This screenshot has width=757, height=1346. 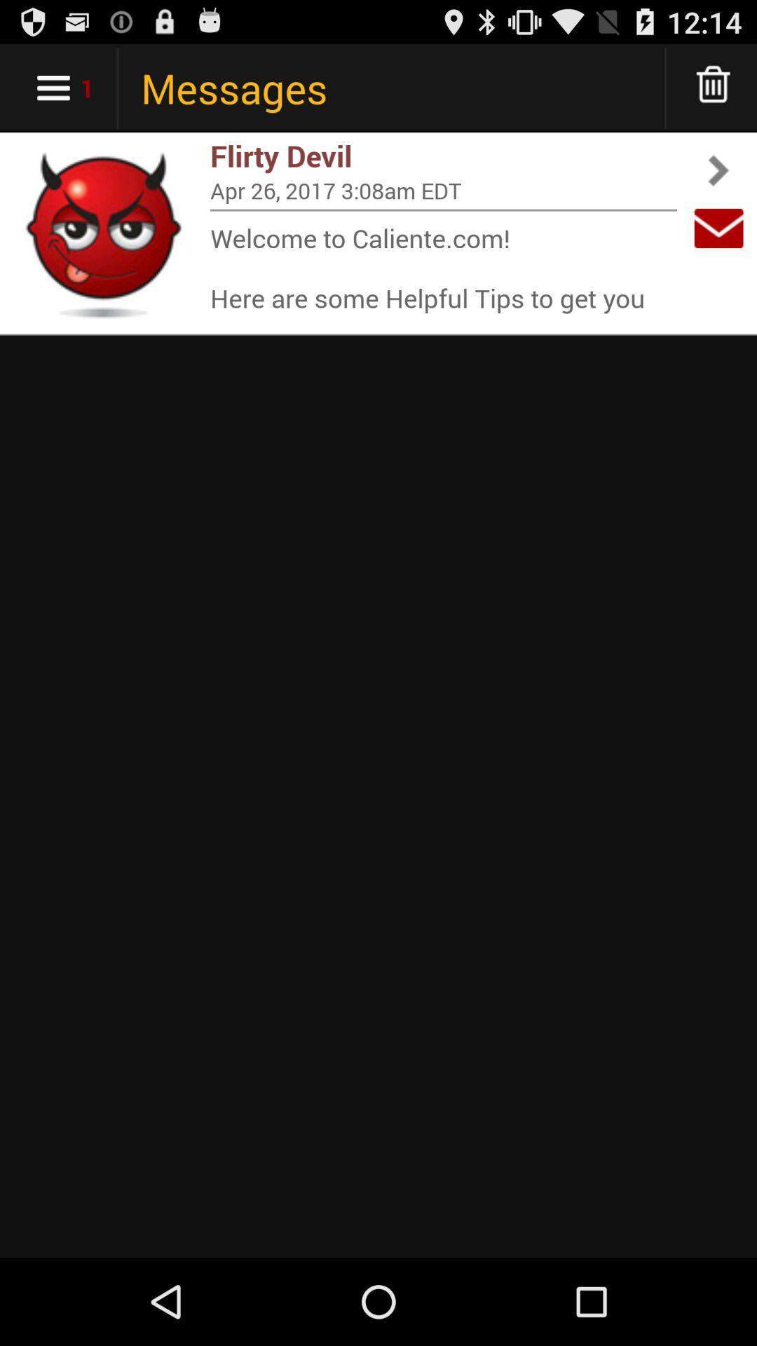 I want to click on the item above the apr 26 2017 item, so click(x=443, y=156).